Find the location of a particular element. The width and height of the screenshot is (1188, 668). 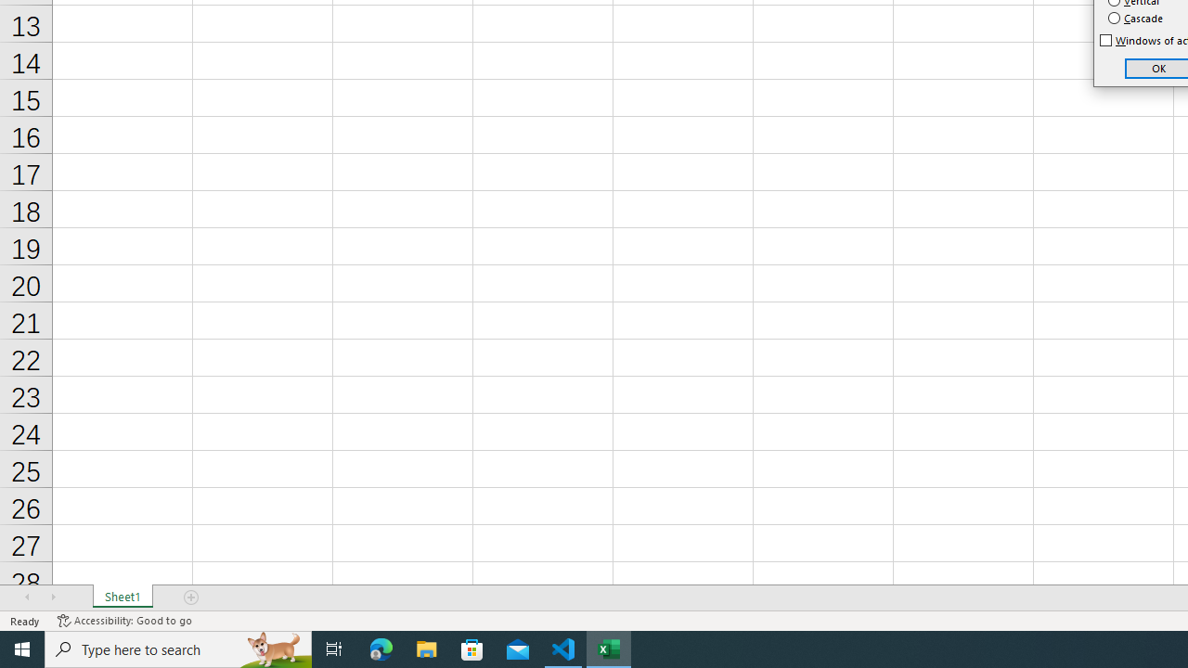

'Type here to search' is located at coordinates (178, 648).